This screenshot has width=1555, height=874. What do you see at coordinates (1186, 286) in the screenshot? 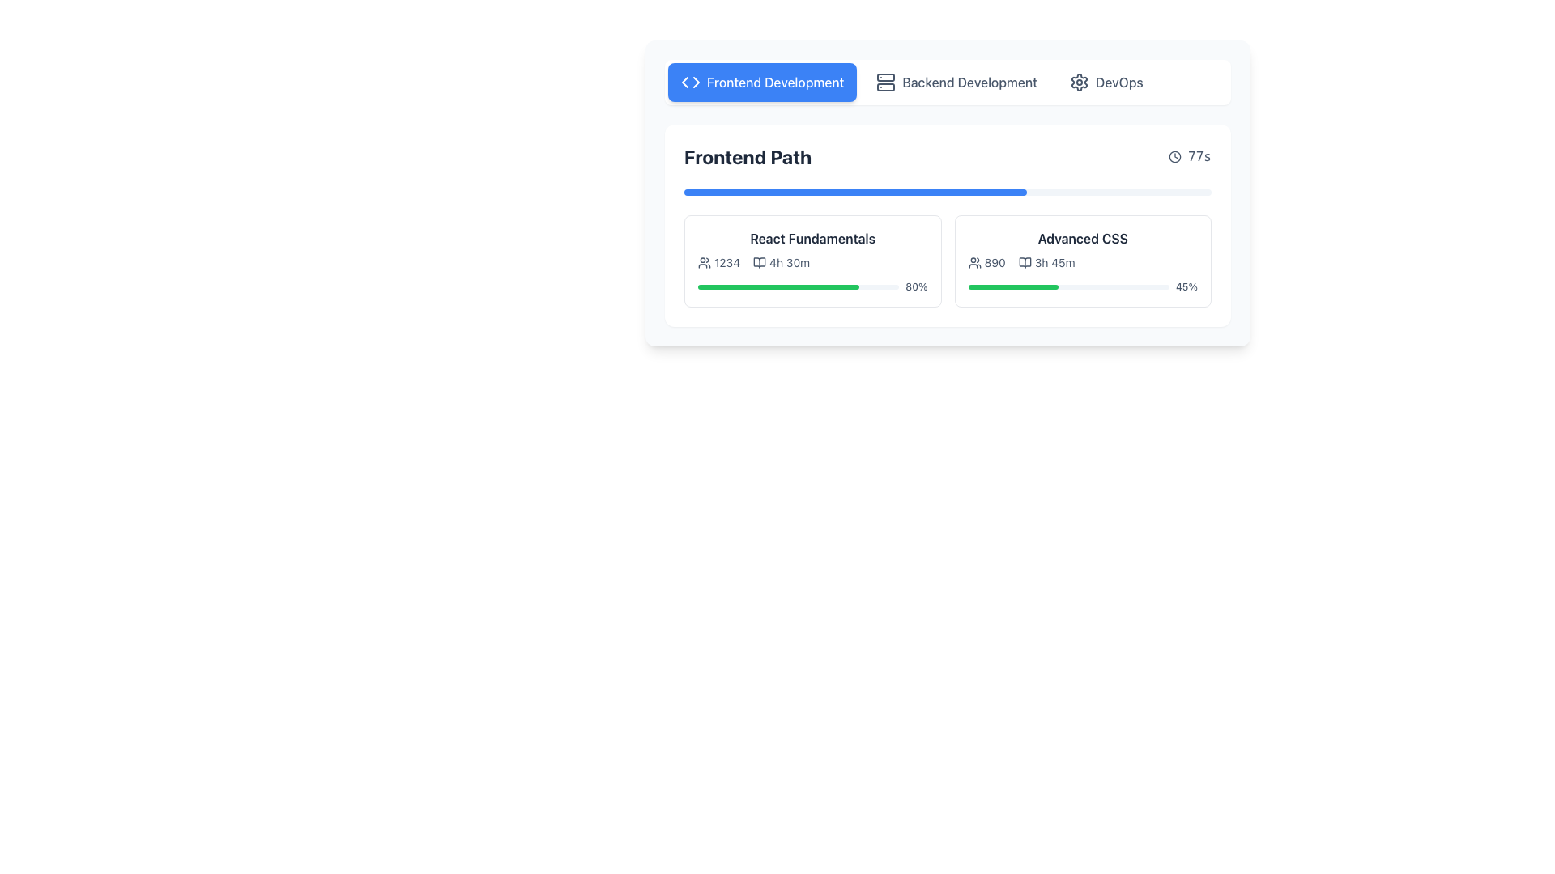
I see `the Text Display Element that shows the percentage of progress achieved, located in the bottom-right section of the 'Advanced CSS' card, next to the progress bar` at bounding box center [1186, 286].